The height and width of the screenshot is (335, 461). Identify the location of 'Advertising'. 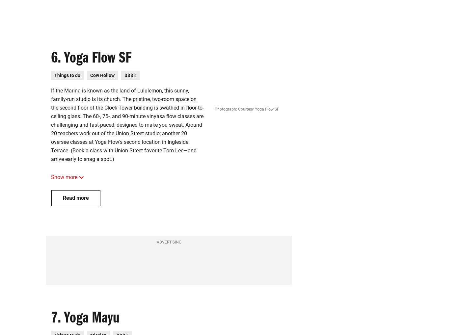
(169, 242).